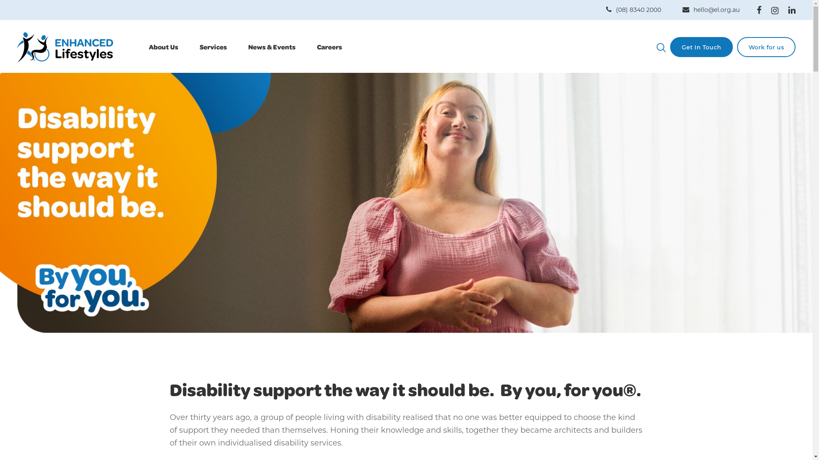 This screenshot has width=819, height=460. What do you see at coordinates (661, 48) in the screenshot?
I see `'Search'` at bounding box center [661, 48].